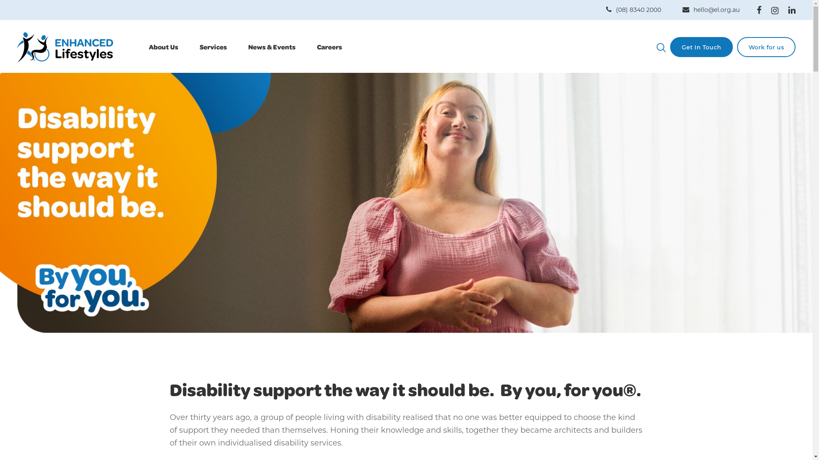 This screenshot has width=819, height=460. What do you see at coordinates (661, 48) in the screenshot?
I see `'Search'` at bounding box center [661, 48].